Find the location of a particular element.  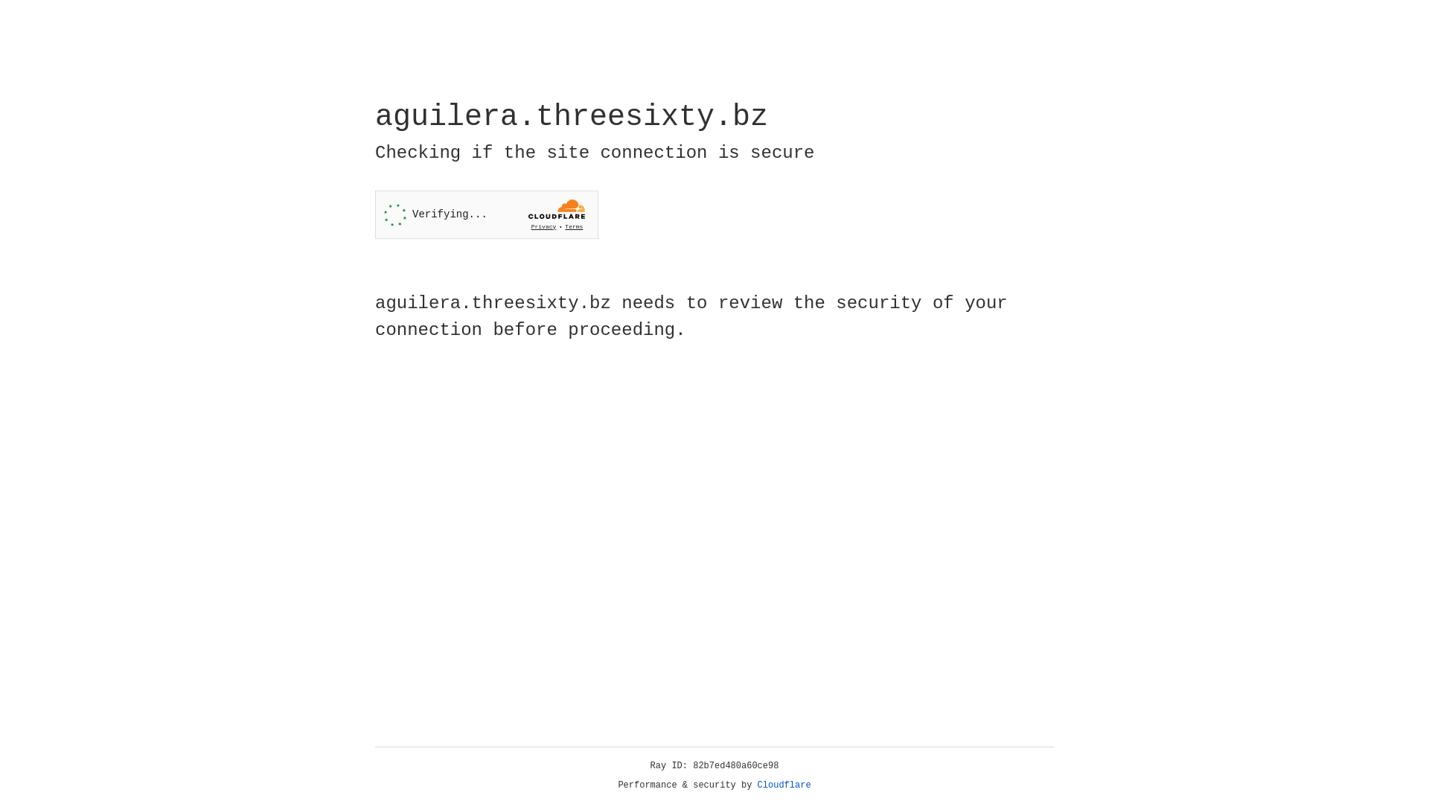

'Cloudflare' is located at coordinates (784, 785).